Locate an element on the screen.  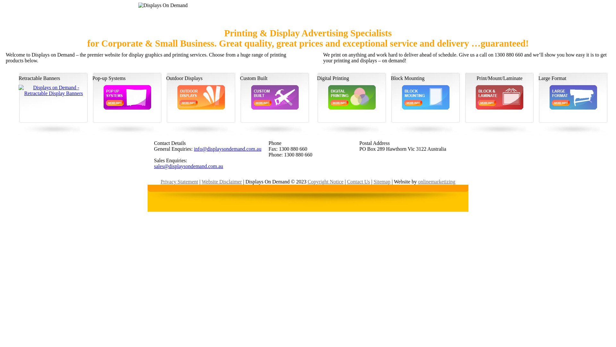
'Website Disclaimer' is located at coordinates (221, 182).